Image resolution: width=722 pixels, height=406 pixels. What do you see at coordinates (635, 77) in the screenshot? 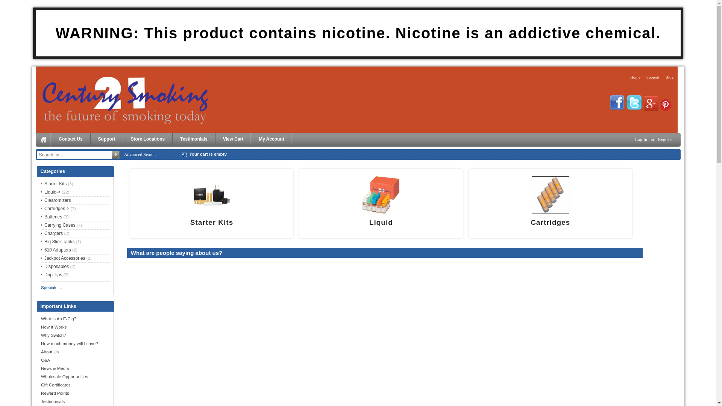
I see `'Home'` at bounding box center [635, 77].